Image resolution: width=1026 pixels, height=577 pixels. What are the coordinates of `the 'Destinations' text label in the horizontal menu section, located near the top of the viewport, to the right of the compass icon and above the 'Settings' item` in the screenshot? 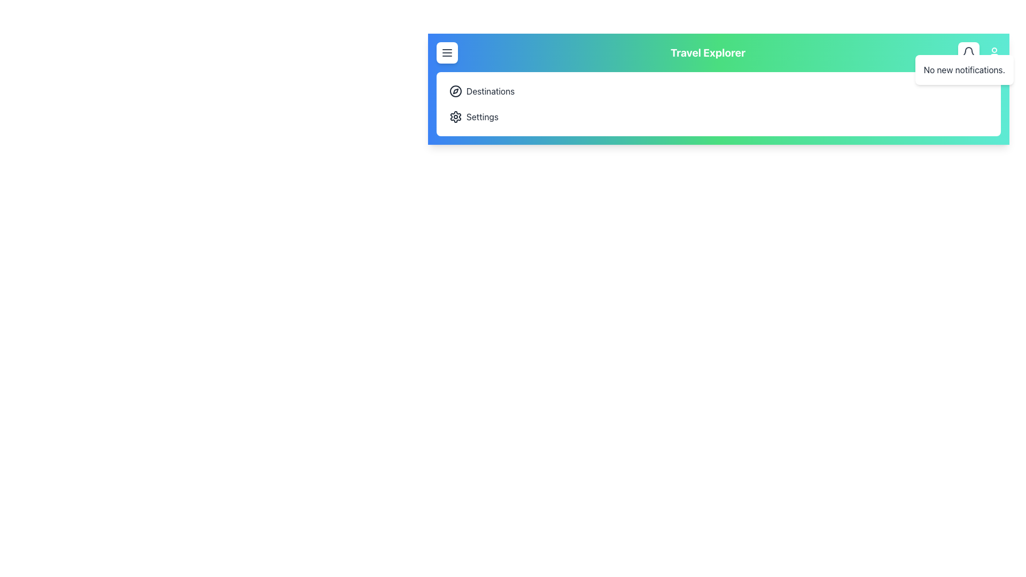 It's located at (490, 90).